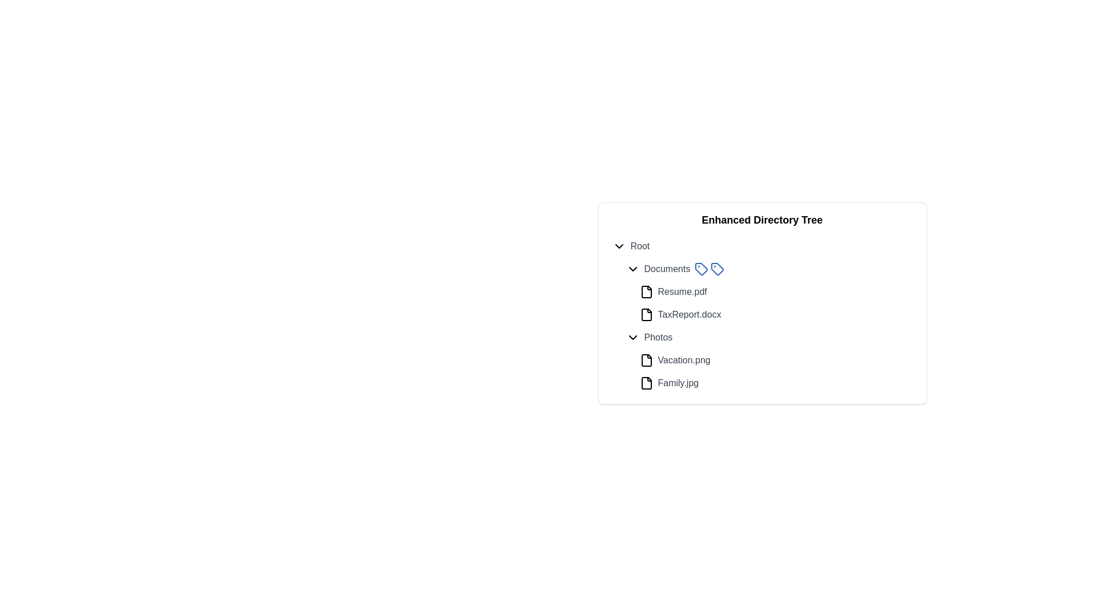 This screenshot has width=1095, height=616. Describe the element at coordinates (618, 246) in the screenshot. I see `the downward-pointing chevron icon located at the leftmost side of the 'Root' section` at that location.